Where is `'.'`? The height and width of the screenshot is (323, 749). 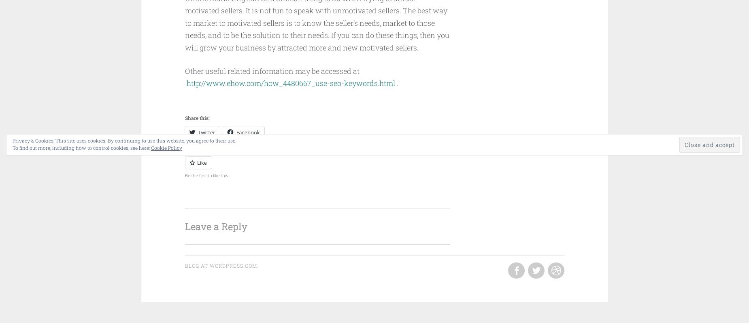 '.' is located at coordinates (396, 83).